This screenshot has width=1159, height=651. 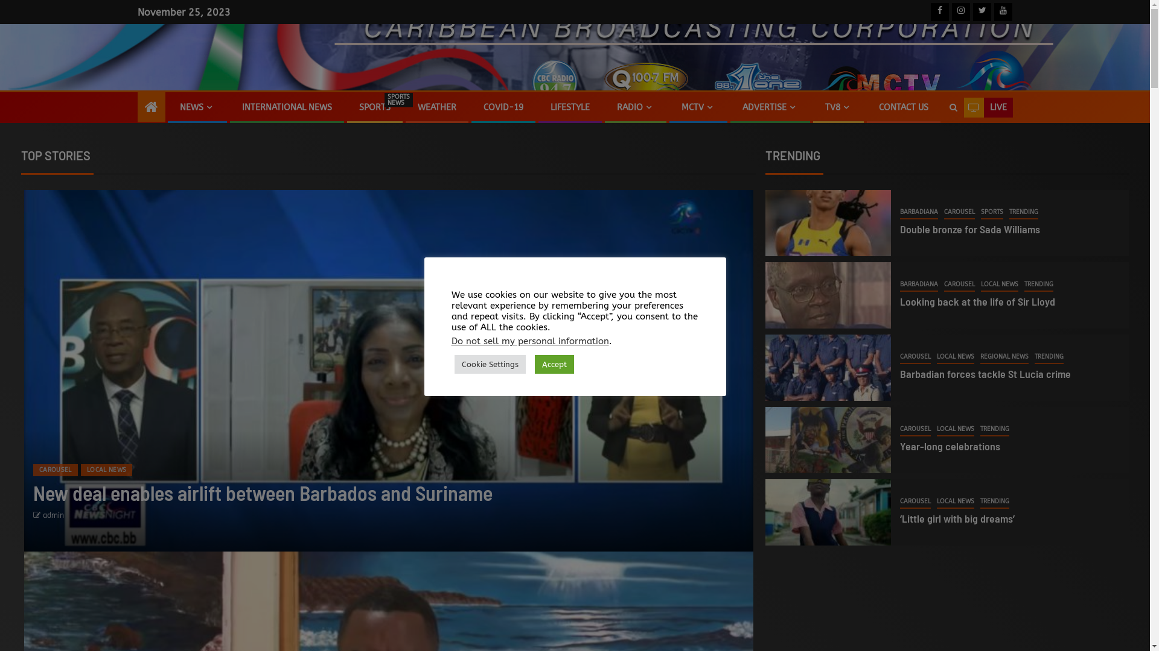 I want to click on 'INTERNATIONAL NEWS', so click(x=286, y=107).